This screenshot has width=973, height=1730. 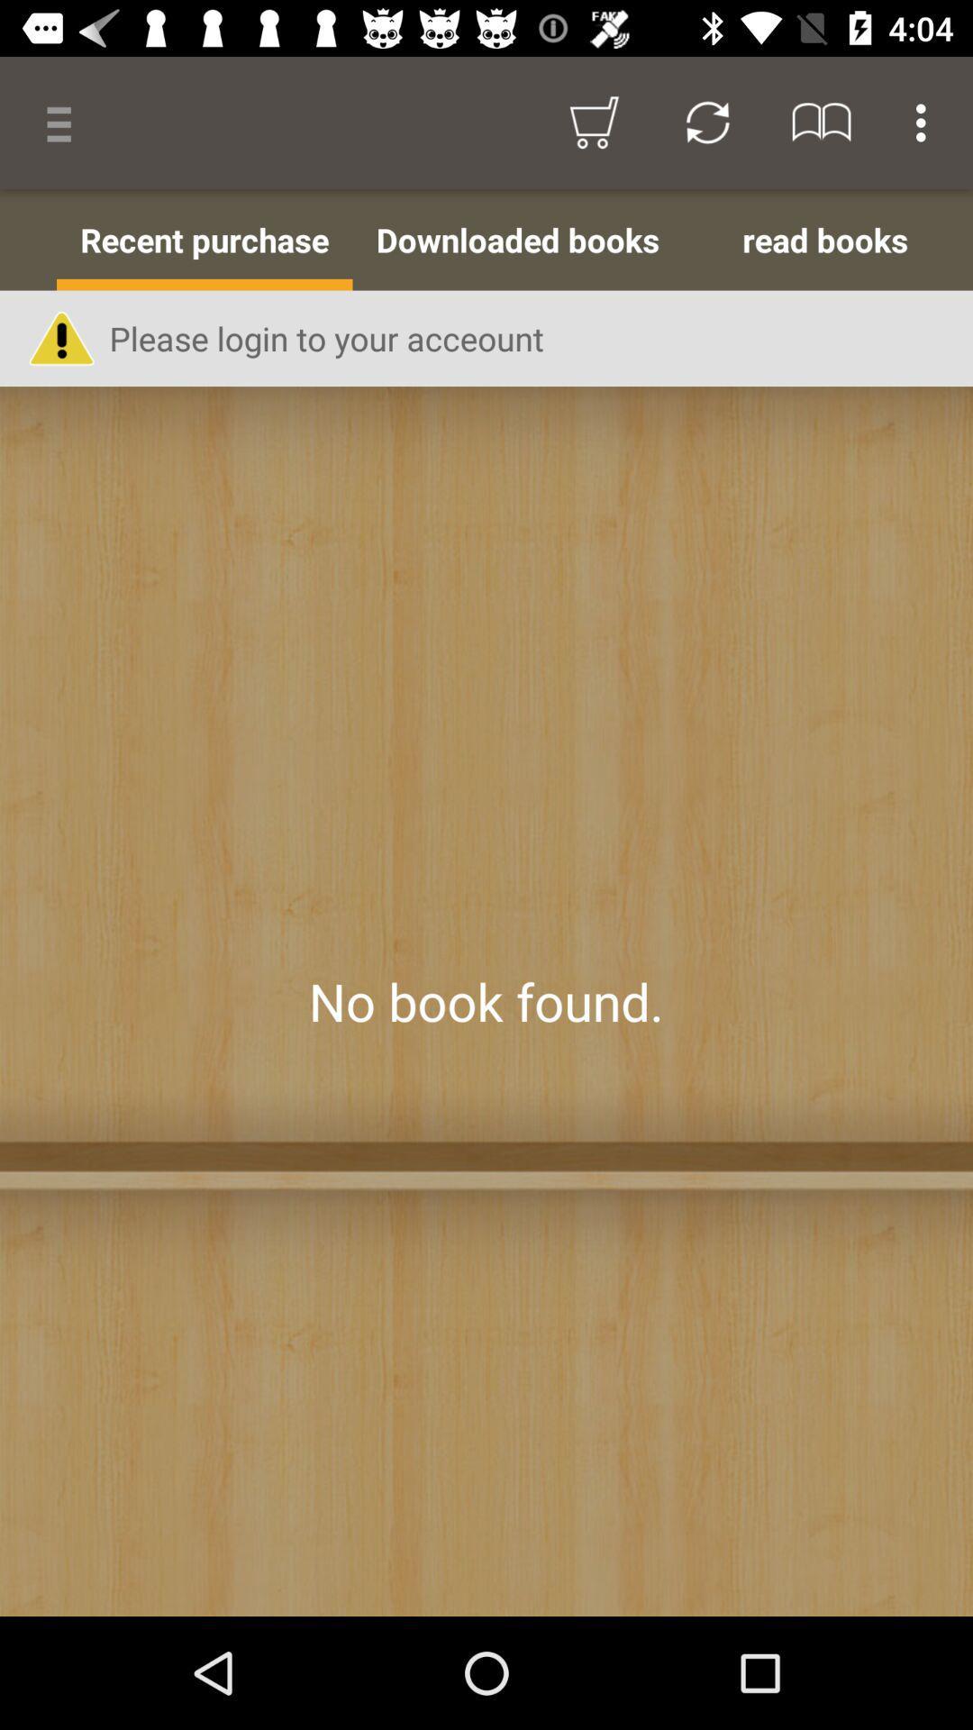 What do you see at coordinates (28, 239) in the screenshot?
I see `the icon next to the recent purchase icon` at bounding box center [28, 239].